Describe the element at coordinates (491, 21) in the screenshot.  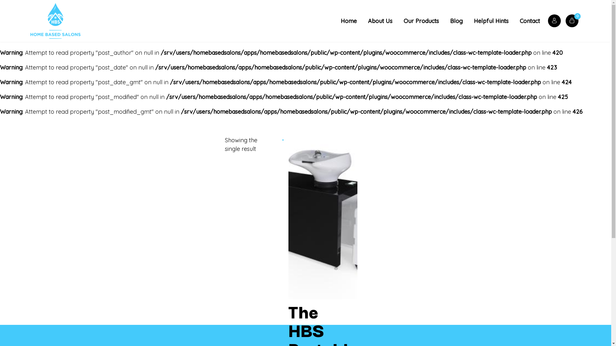
I see `'Helpful Hints'` at that location.